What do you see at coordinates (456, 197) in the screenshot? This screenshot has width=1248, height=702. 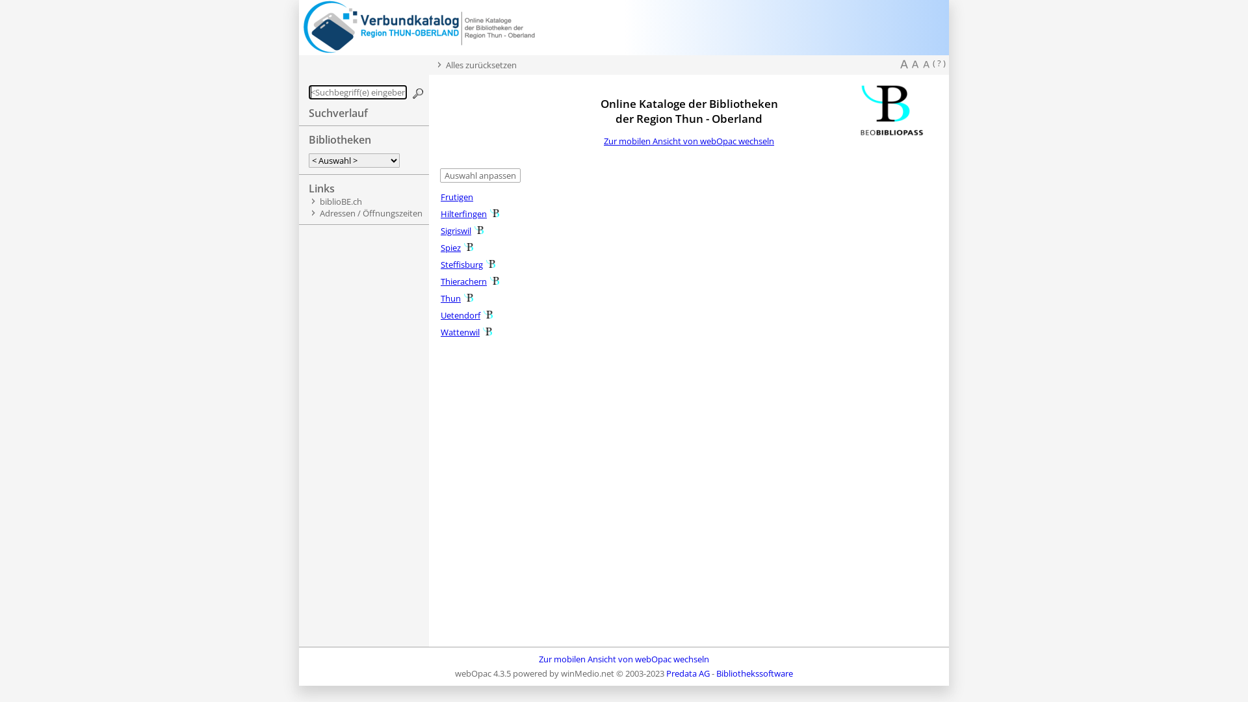 I see `'Frutigen'` at bounding box center [456, 197].